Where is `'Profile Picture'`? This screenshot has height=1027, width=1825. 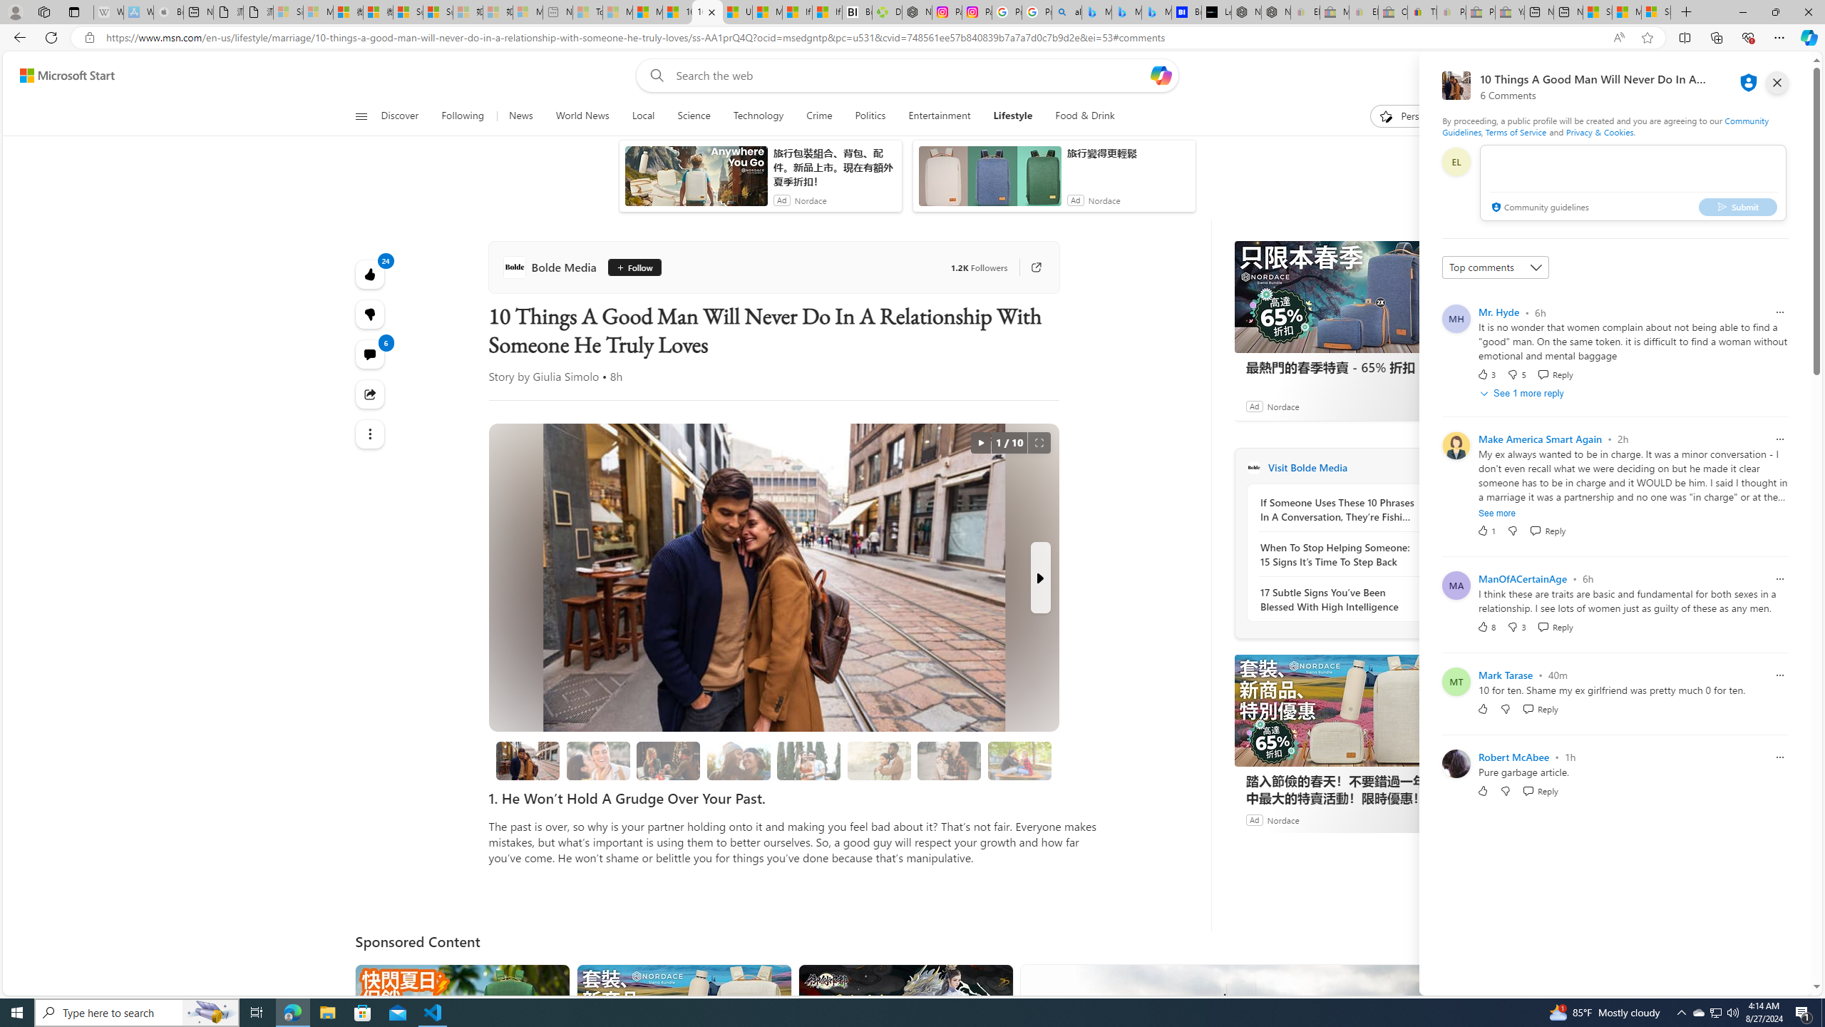
'Profile Picture' is located at coordinates (1456, 762).